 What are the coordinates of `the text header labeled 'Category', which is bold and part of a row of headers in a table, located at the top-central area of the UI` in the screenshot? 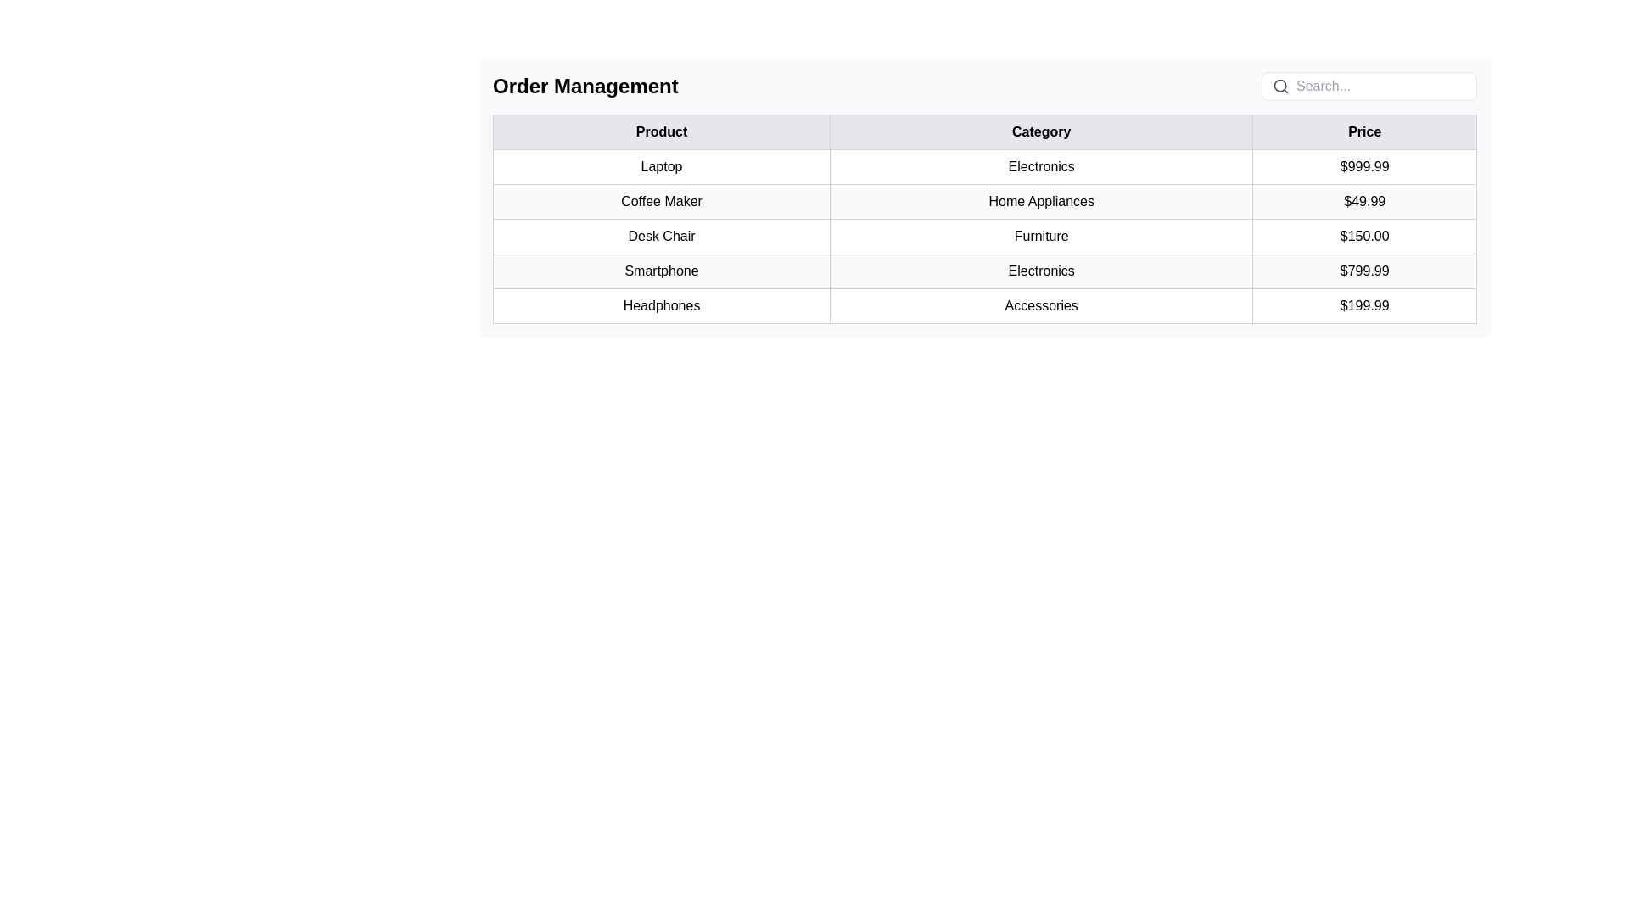 It's located at (1040, 131).